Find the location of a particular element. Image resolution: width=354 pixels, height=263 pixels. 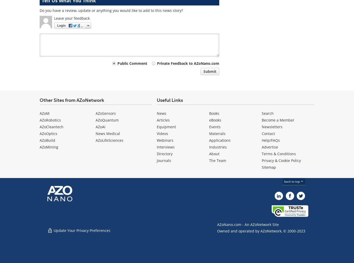

'Submit' is located at coordinates (210, 71).